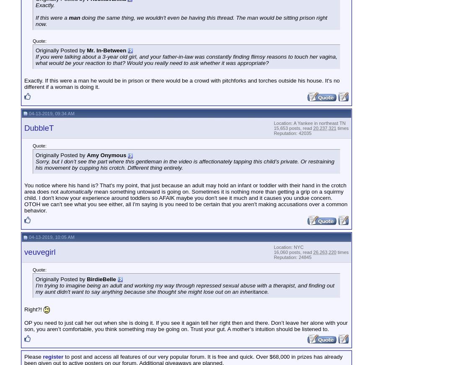  I want to click on 'If this were a', so click(52, 17).